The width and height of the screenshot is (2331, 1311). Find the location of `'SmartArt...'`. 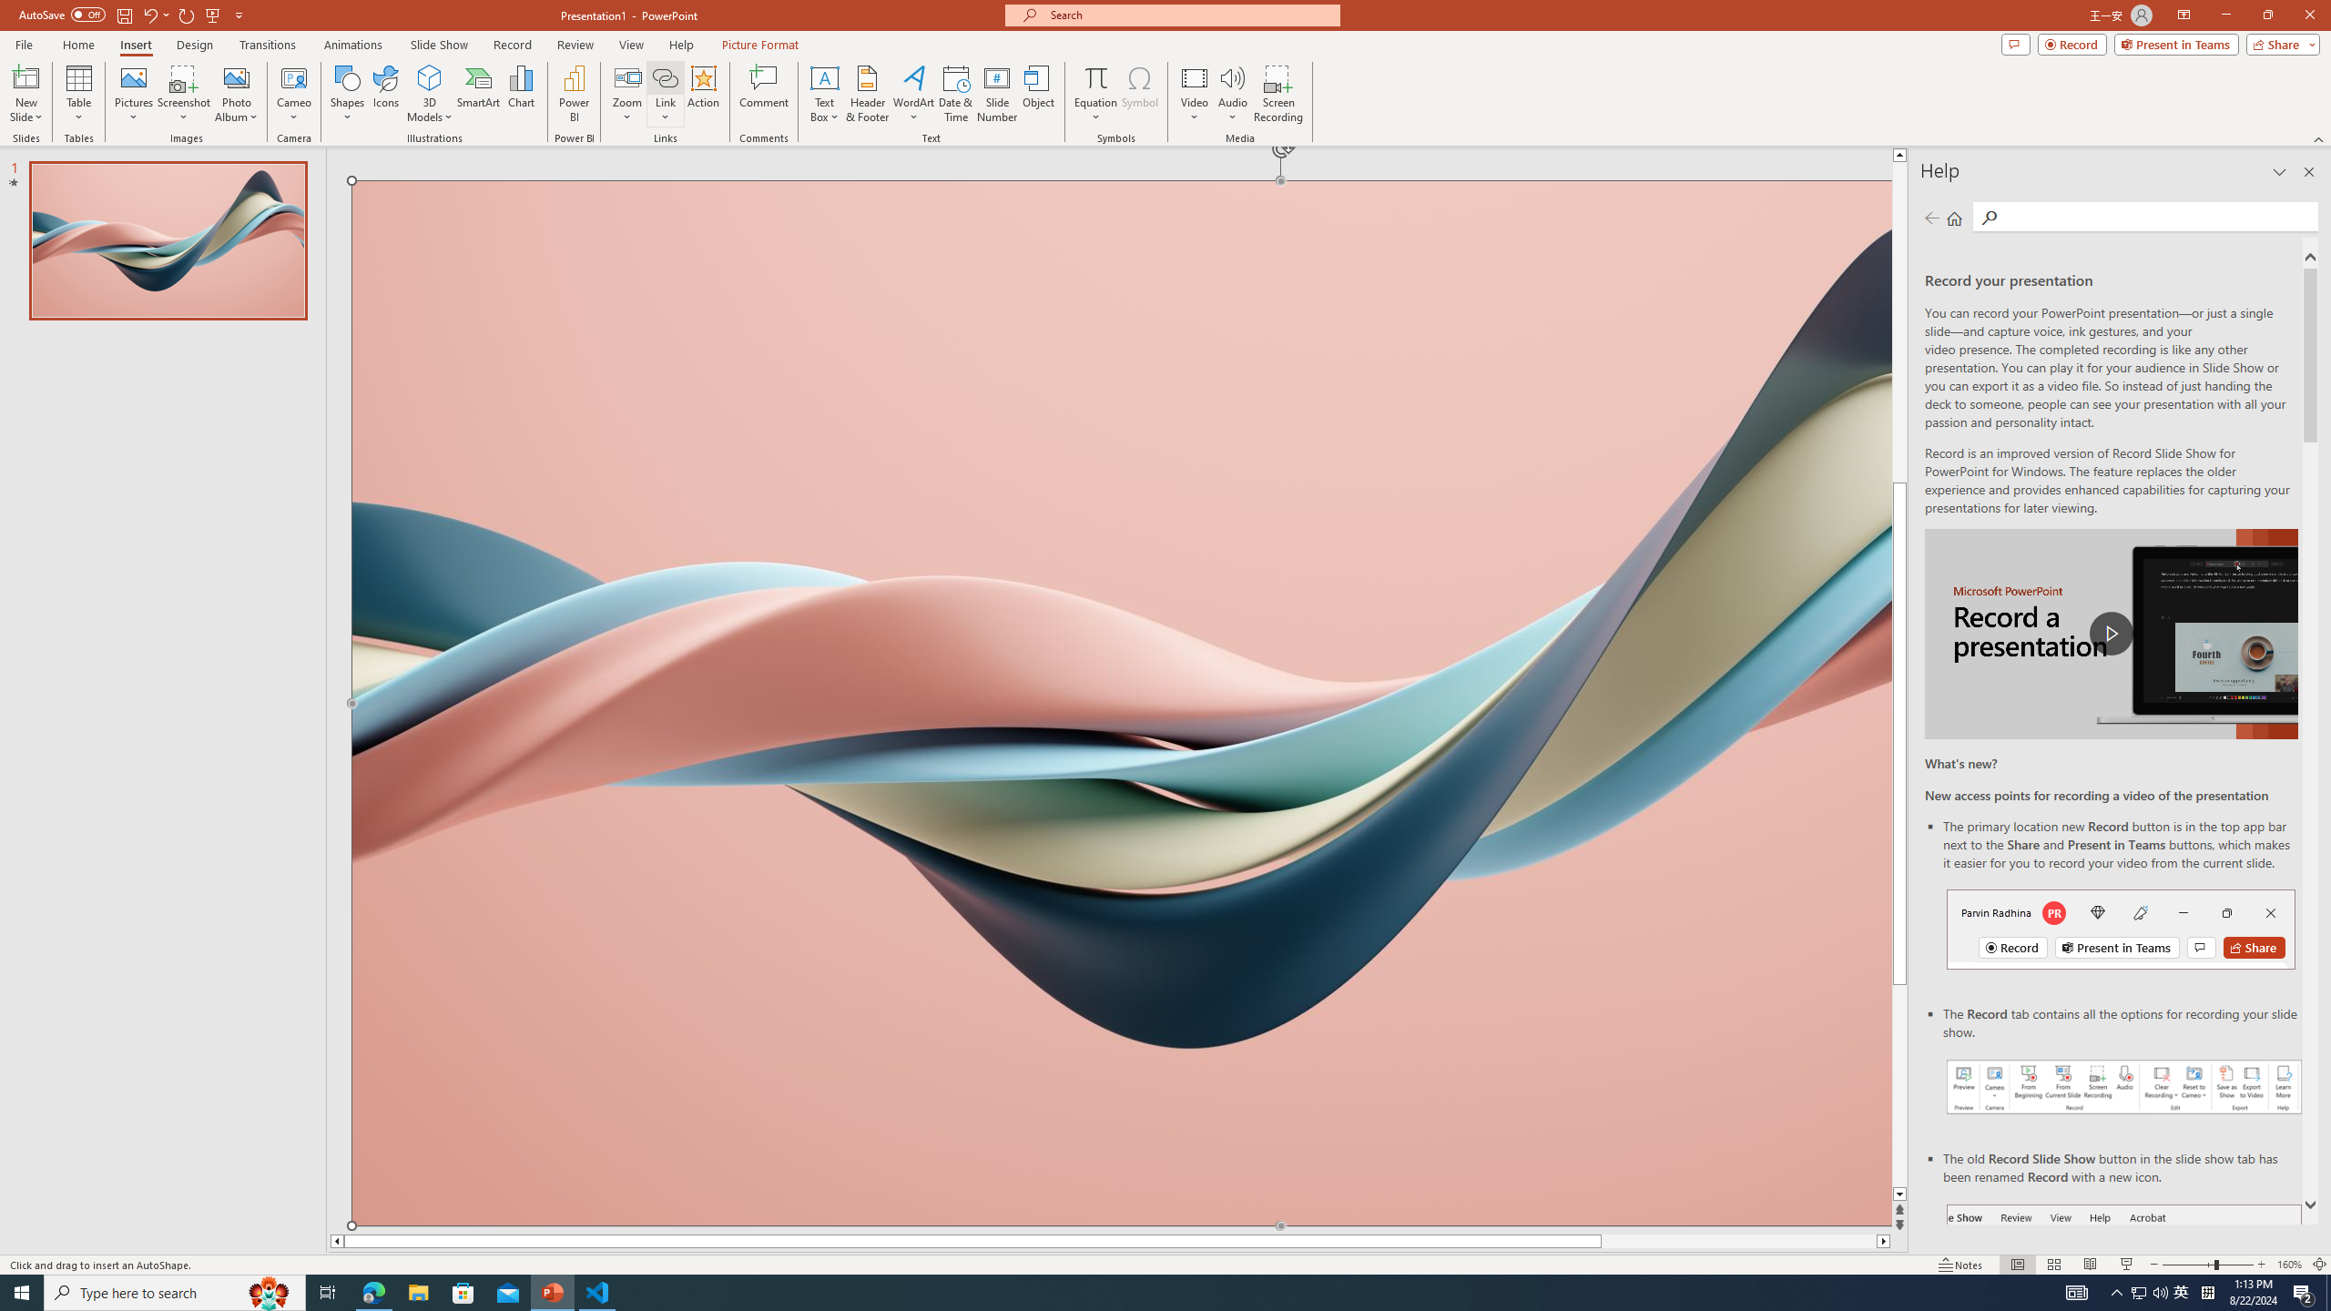

'SmartArt...' is located at coordinates (478, 94).